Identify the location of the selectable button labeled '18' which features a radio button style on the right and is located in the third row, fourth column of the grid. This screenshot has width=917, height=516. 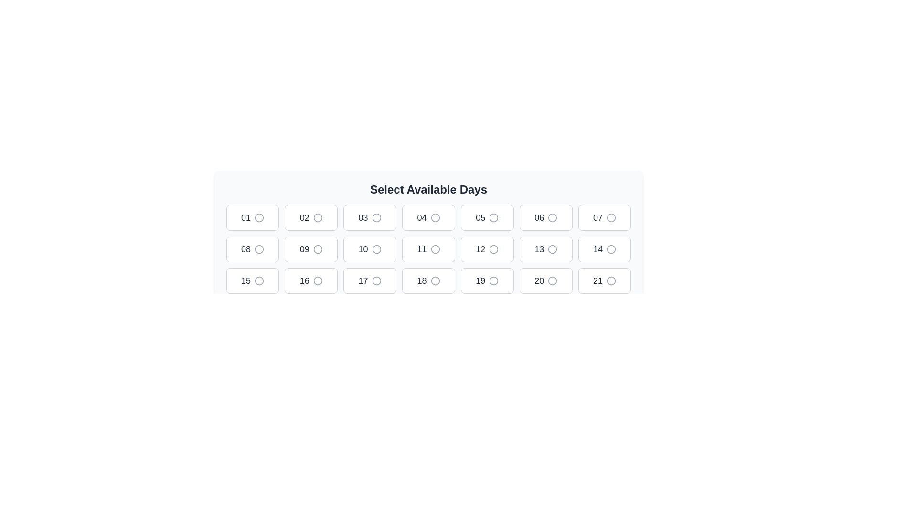
(428, 280).